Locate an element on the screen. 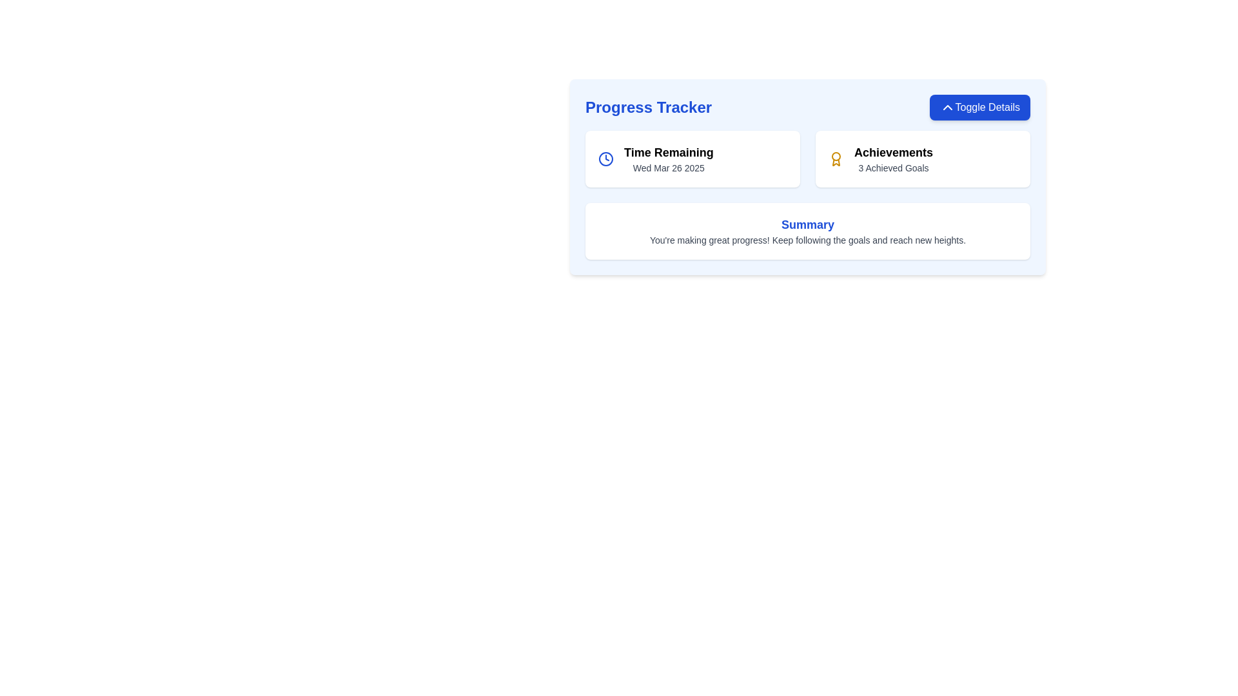 This screenshot has width=1238, height=696. the Informational text section that displays 'Achievements' and '3 Achieved Goals' within a rectangular white card in the upper-right section of the Progress Tracker interface is located at coordinates (893, 158).